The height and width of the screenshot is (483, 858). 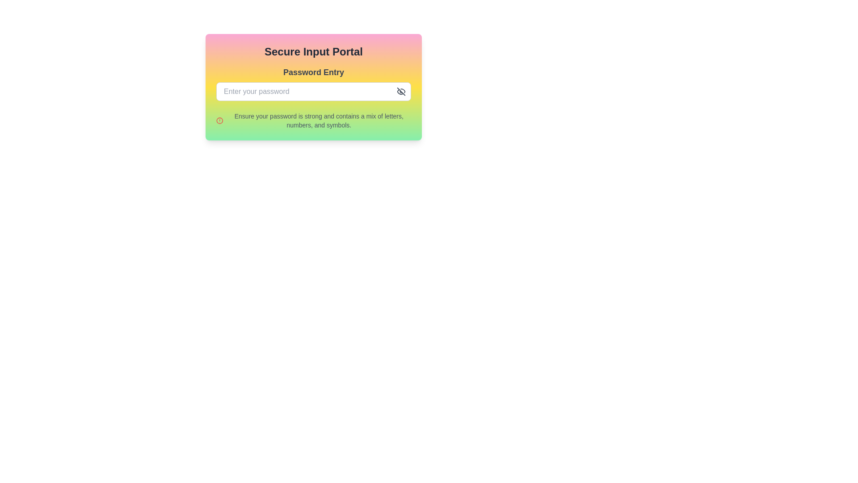 I want to click on the circular alert symbol located below the password input field in the 'Secure Input Portal' interface, so click(x=219, y=121).